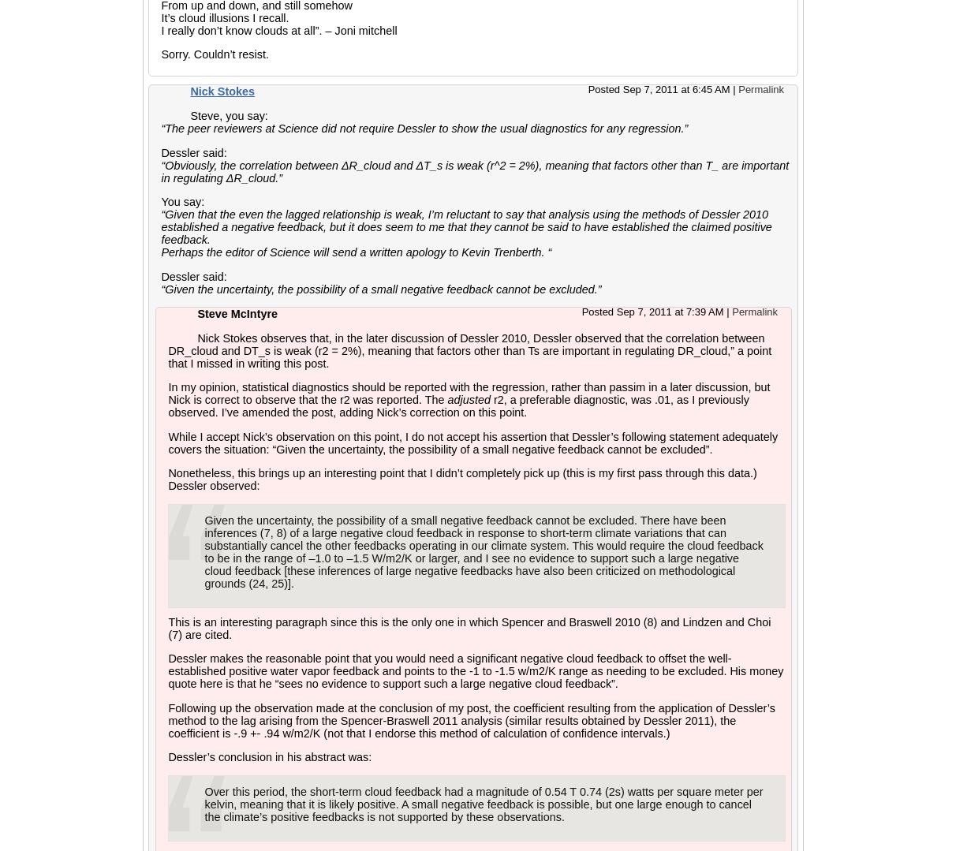 The height and width of the screenshot is (851, 956). Describe the element at coordinates (424, 128) in the screenshot. I see `'“The peer reviewers at Science did not require Dessler to show the usual diagnostics for any regression.”'` at that location.